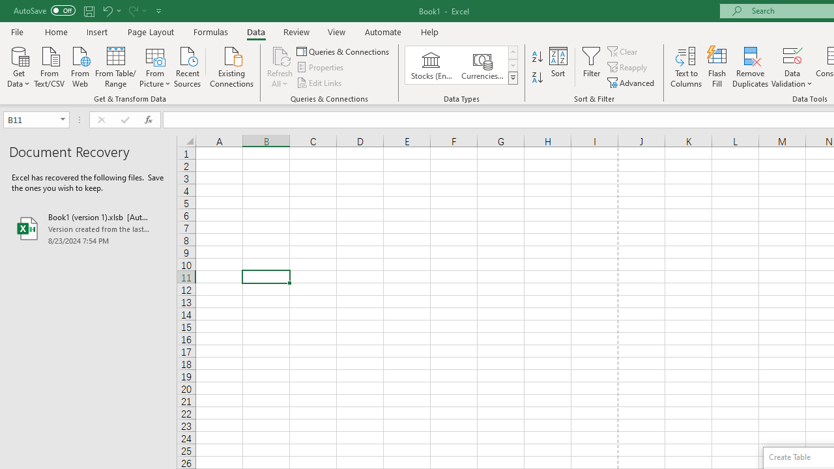 Image resolution: width=834 pixels, height=469 pixels. Describe the element at coordinates (187, 66) in the screenshot. I see `'Recent Sources'` at that location.